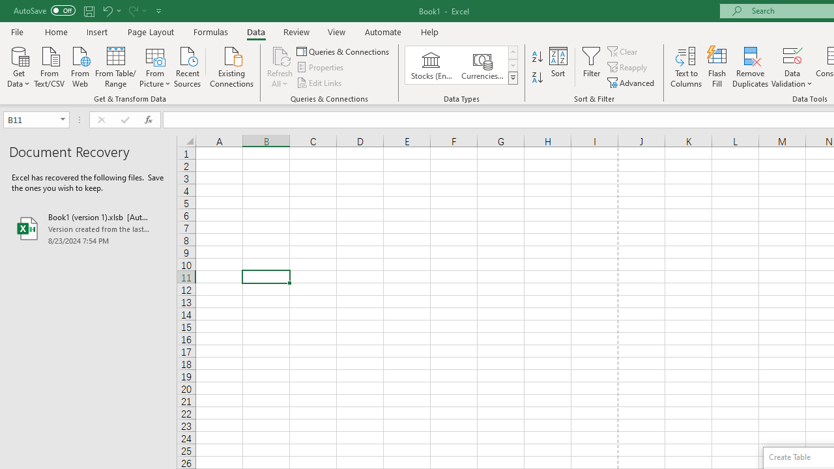 Image resolution: width=834 pixels, height=469 pixels. Describe the element at coordinates (187, 66) in the screenshot. I see `'Recent Sources'` at that location.